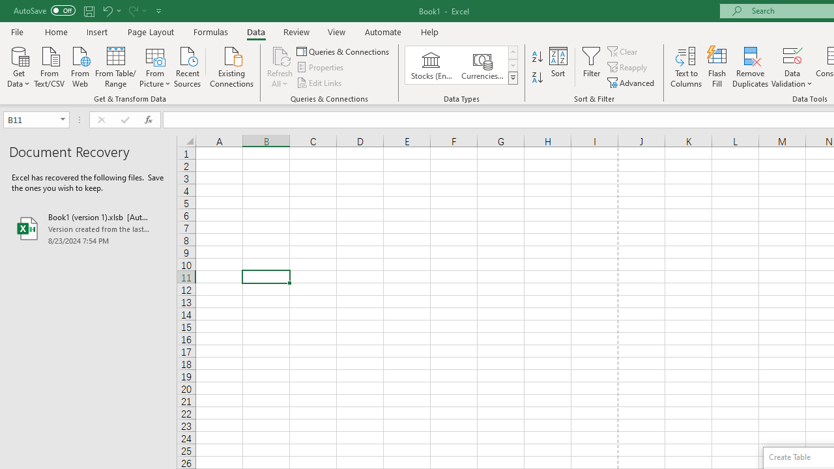 Image resolution: width=834 pixels, height=469 pixels. Describe the element at coordinates (187, 66) in the screenshot. I see `'Recent Sources'` at that location.